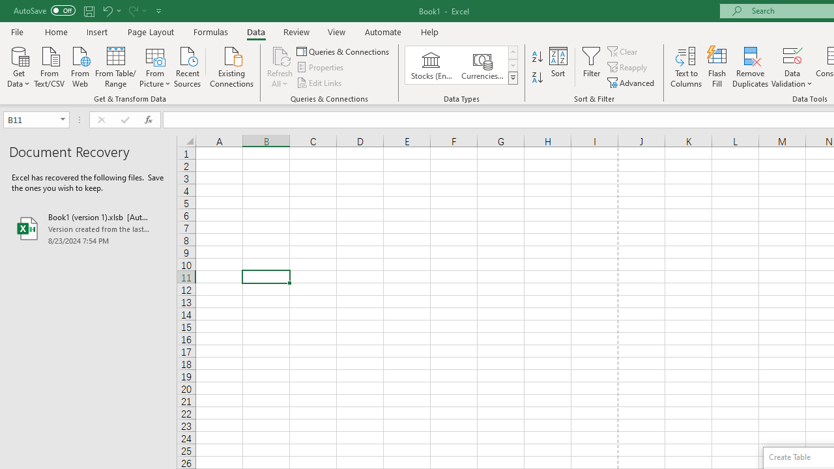 Image resolution: width=834 pixels, height=469 pixels. Describe the element at coordinates (187, 66) in the screenshot. I see `'Recent Sources'` at that location.